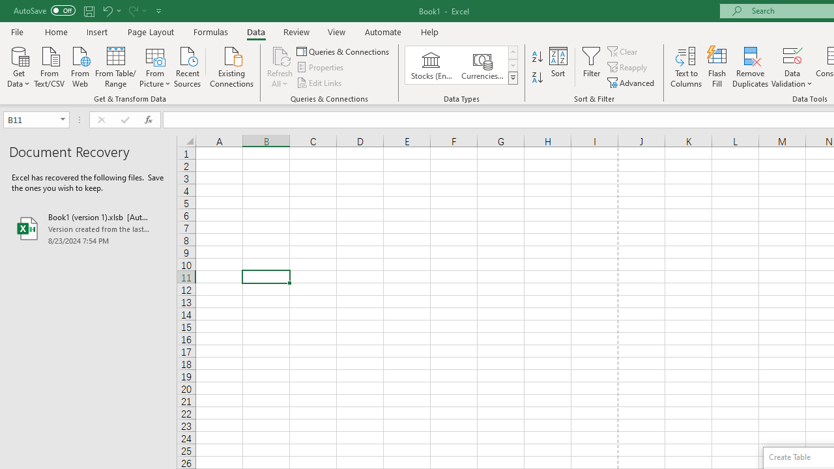 Image resolution: width=834 pixels, height=469 pixels. Describe the element at coordinates (187, 66) in the screenshot. I see `'Recent Sources'` at that location.